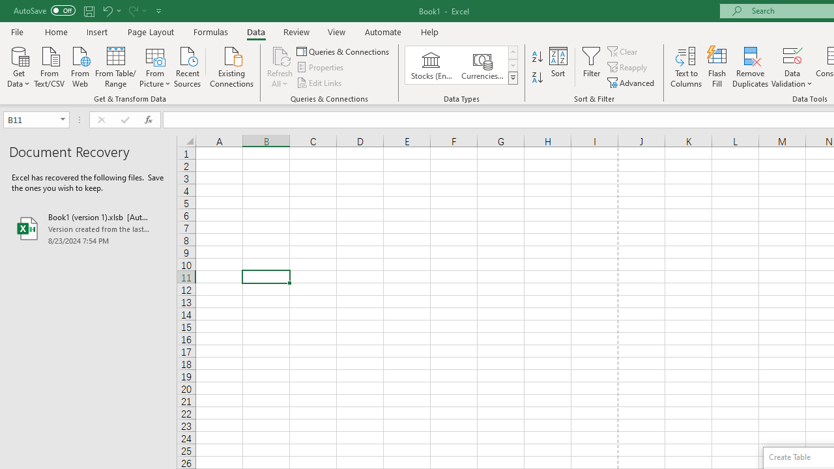 Image resolution: width=834 pixels, height=469 pixels. Describe the element at coordinates (187, 66) in the screenshot. I see `'Recent Sources'` at that location.